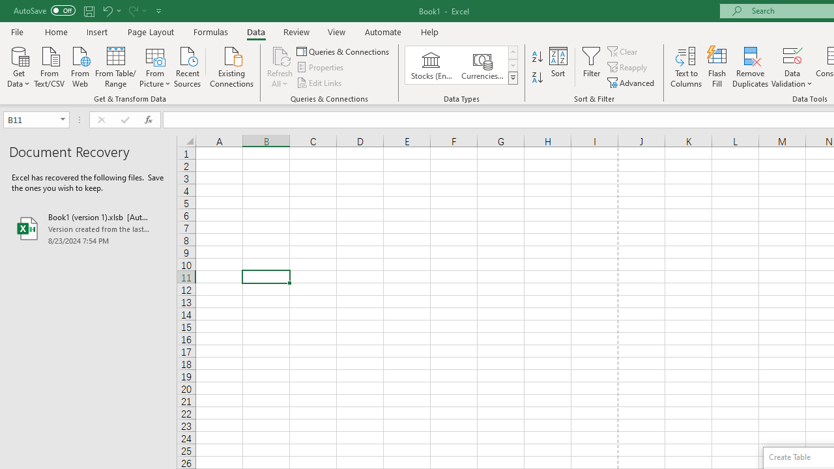 Image resolution: width=834 pixels, height=469 pixels. Describe the element at coordinates (187, 66) in the screenshot. I see `'Recent Sources'` at that location.